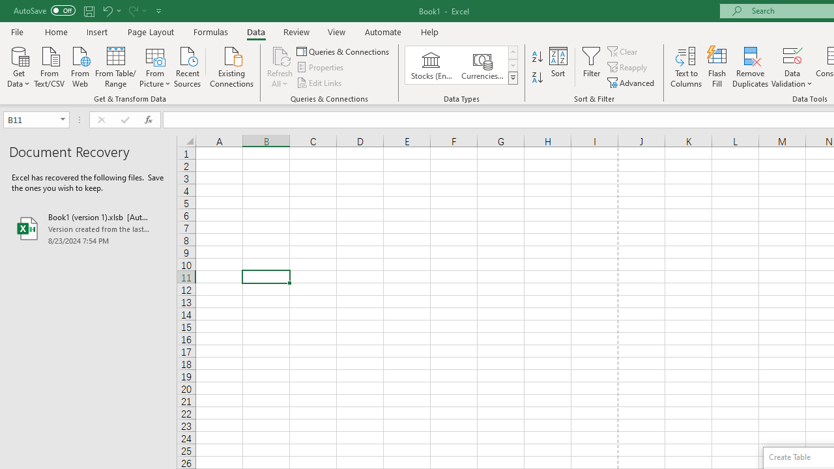 Image resolution: width=834 pixels, height=469 pixels. Describe the element at coordinates (187, 66) in the screenshot. I see `'Recent Sources'` at that location.